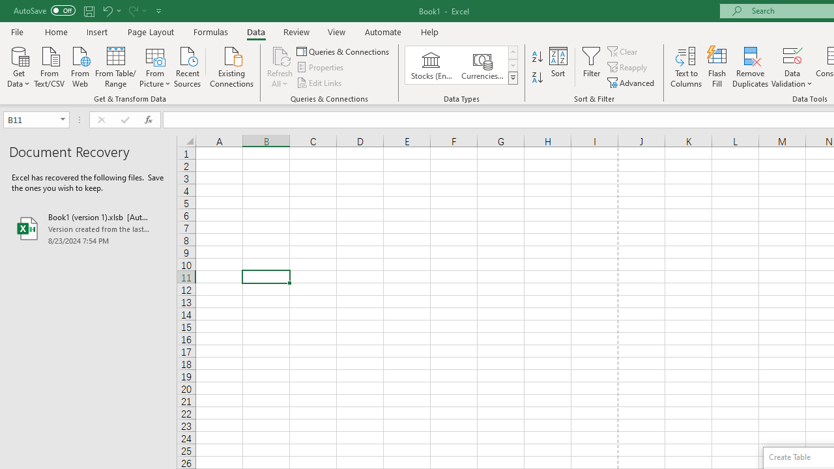 Image resolution: width=834 pixels, height=469 pixels. Describe the element at coordinates (187, 66) in the screenshot. I see `'Recent Sources'` at that location.